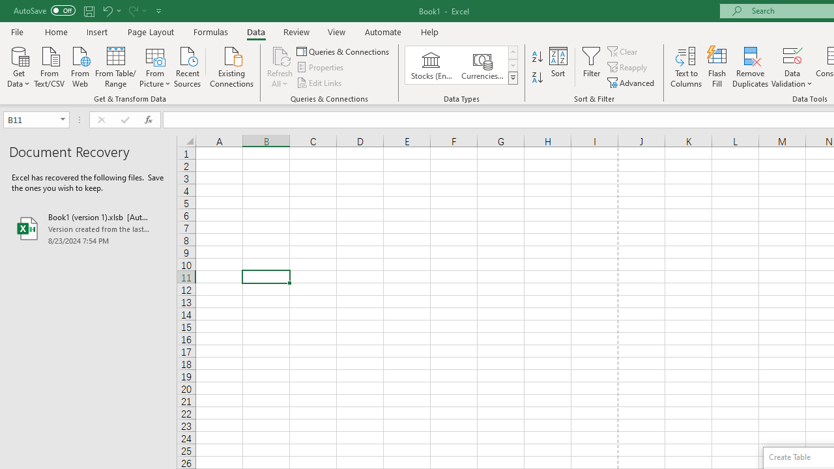 Image resolution: width=834 pixels, height=469 pixels. Describe the element at coordinates (187, 66) in the screenshot. I see `'Recent Sources'` at that location.